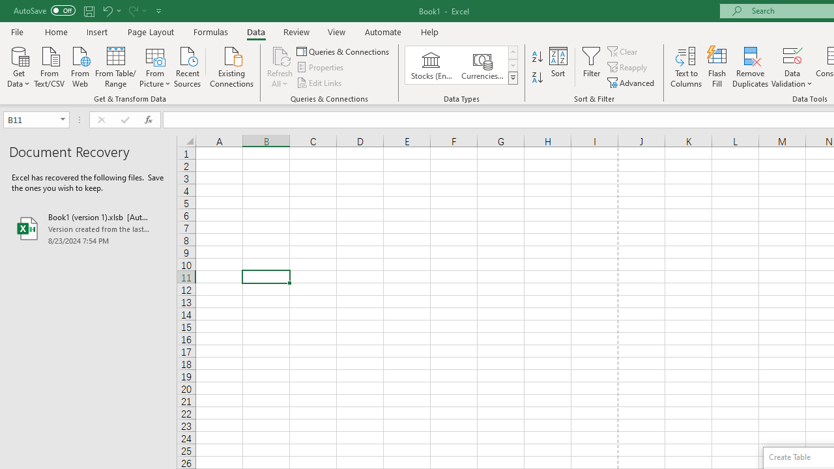 Image resolution: width=834 pixels, height=469 pixels. Describe the element at coordinates (187, 66) in the screenshot. I see `'Recent Sources'` at that location.